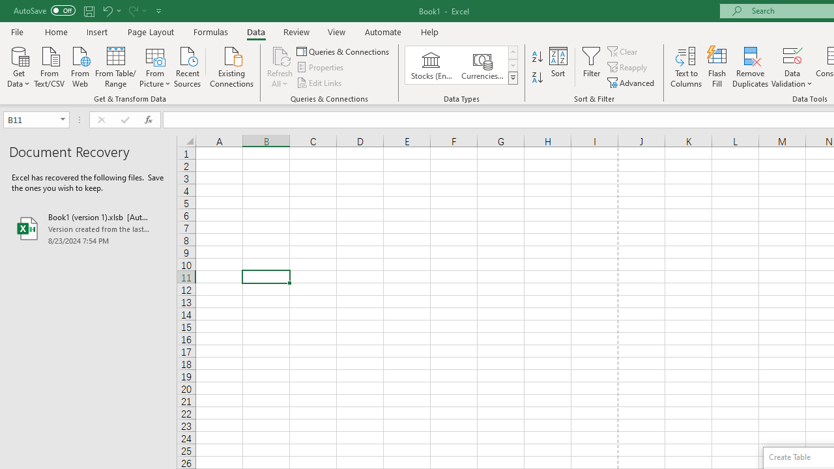 Image resolution: width=834 pixels, height=469 pixels. Describe the element at coordinates (187, 66) in the screenshot. I see `'Recent Sources'` at that location.